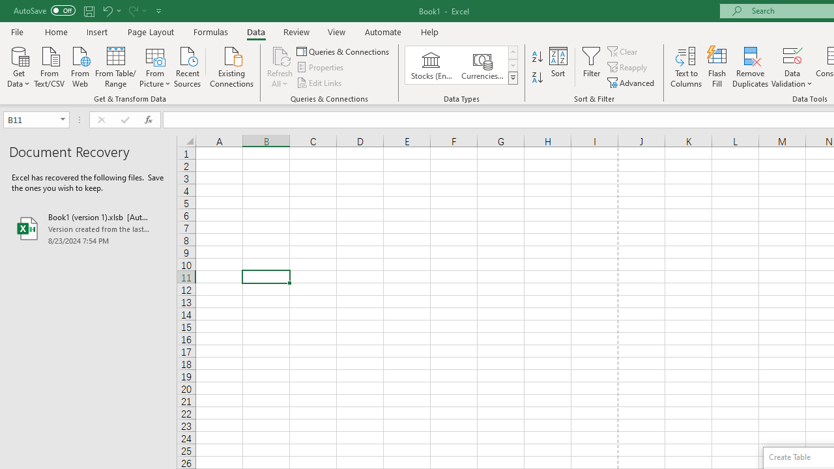 Image resolution: width=834 pixels, height=469 pixels. Describe the element at coordinates (187, 66) in the screenshot. I see `'Recent Sources'` at that location.